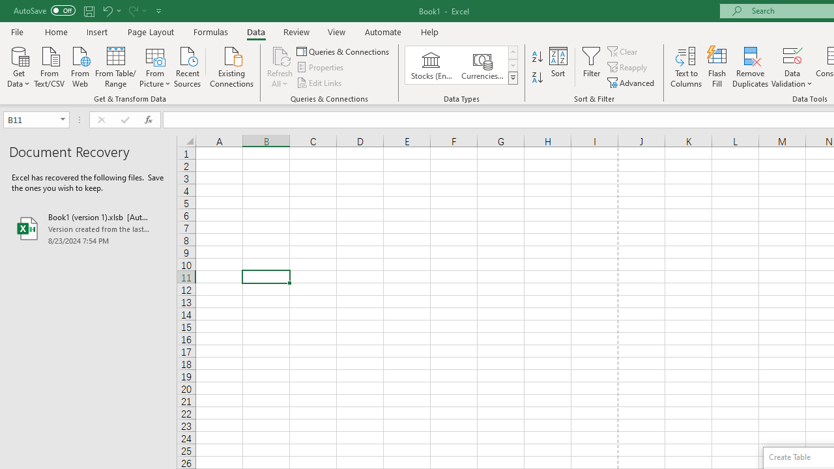 Image resolution: width=834 pixels, height=469 pixels. Describe the element at coordinates (187, 66) in the screenshot. I see `'Recent Sources'` at that location.